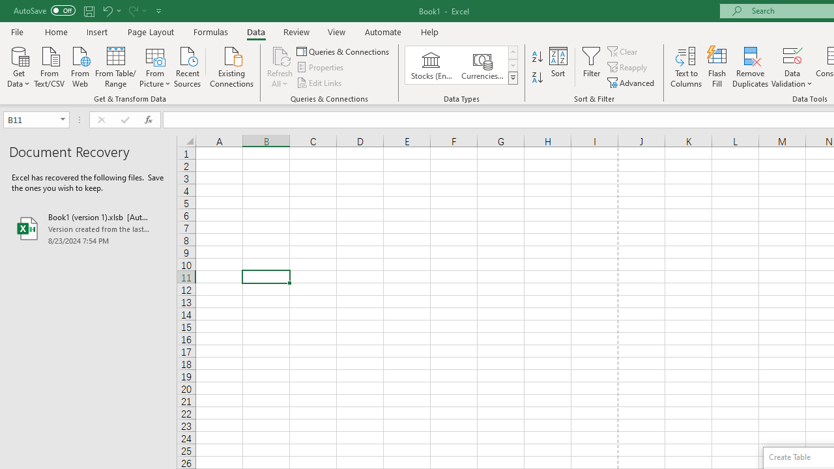 Image resolution: width=834 pixels, height=469 pixels. Describe the element at coordinates (187, 66) in the screenshot. I see `'Recent Sources'` at that location.